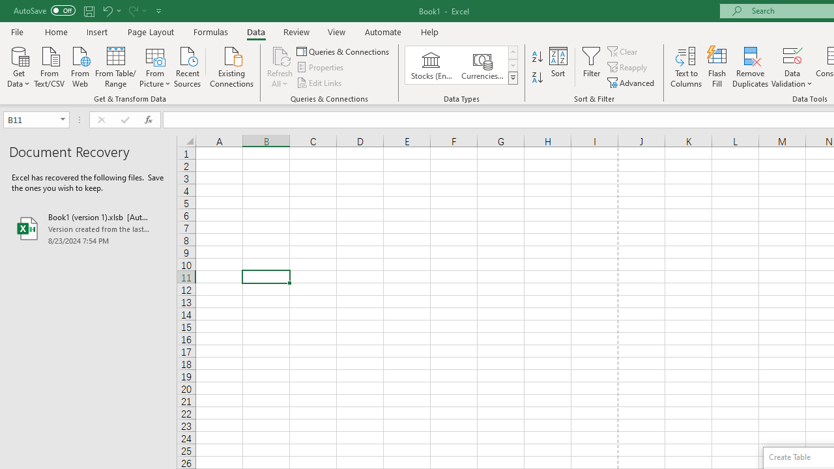 Image resolution: width=834 pixels, height=469 pixels. Describe the element at coordinates (187, 66) in the screenshot. I see `'Recent Sources'` at that location.